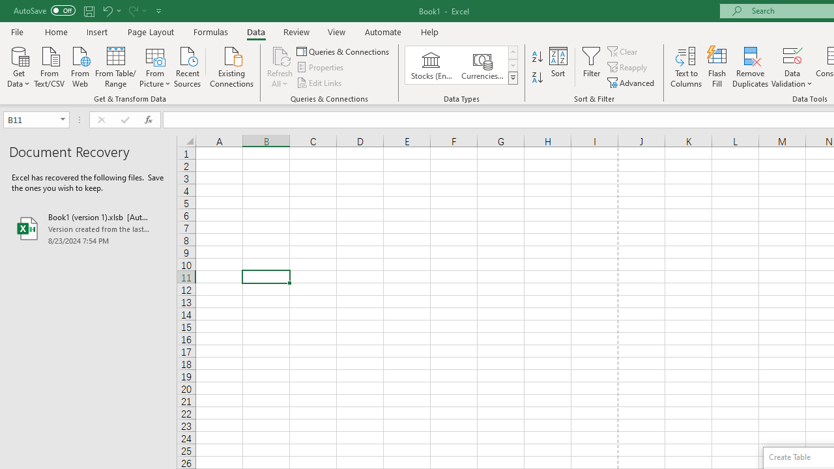 Image resolution: width=834 pixels, height=469 pixels. Describe the element at coordinates (187, 66) in the screenshot. I see `'Recent Sources'` at that location.